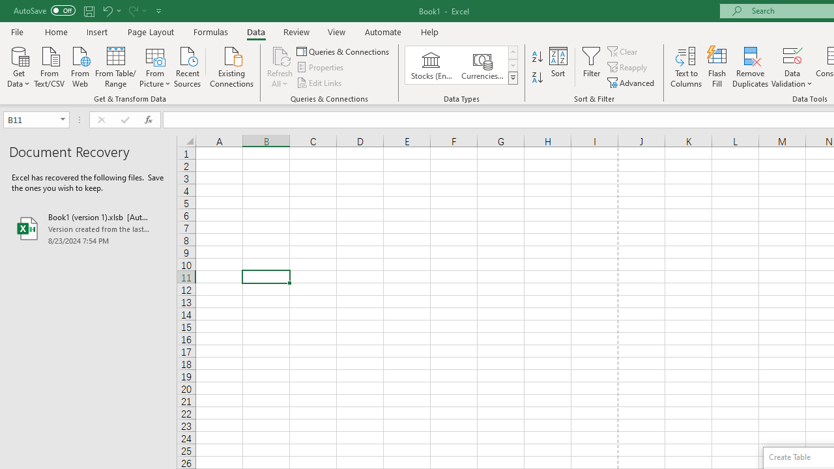 Image resolution: width=834 pixels, height=469 pixels. Describe the element at coordinates (187, 66) in the screenshot. I see `'Recent Sources'` at that location.